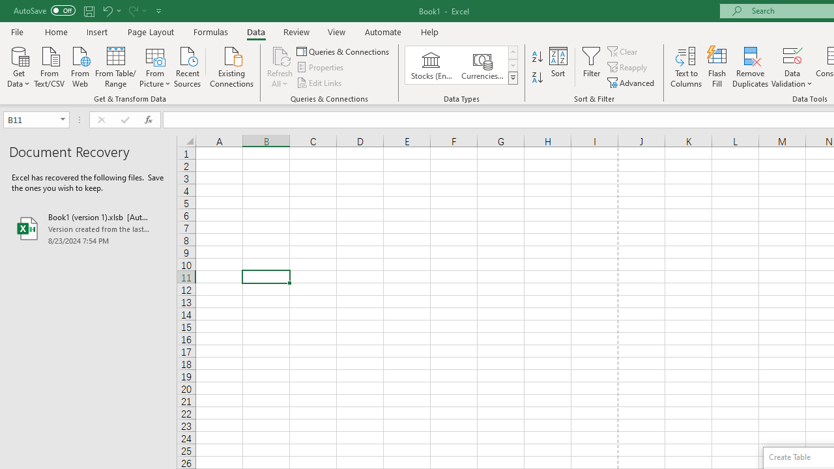 Image resolution: width=834 pixels, height=469 pixels. Describe the element at coordinates (187, 66) in the screenshot. I see `'Recent Sources'` at that location.